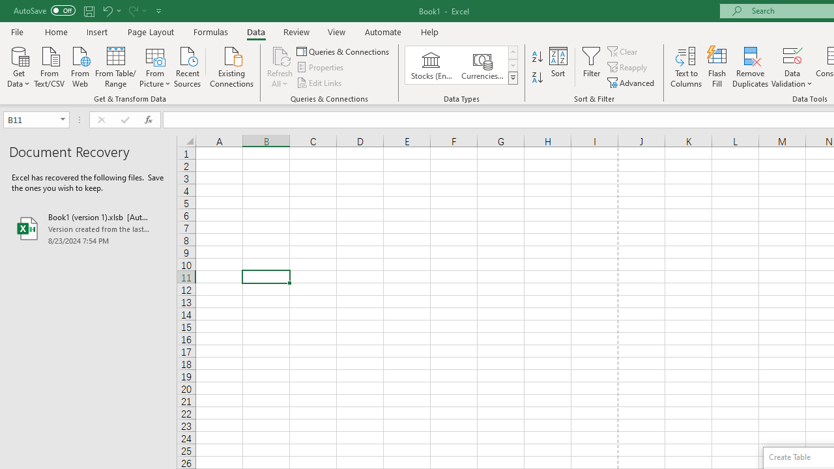 Image resolution: width=834 pixels, height=469 pixels. Describe the element at coordinates (187, 66) in the screenshot. I see `'Recent Sources'` at that location.